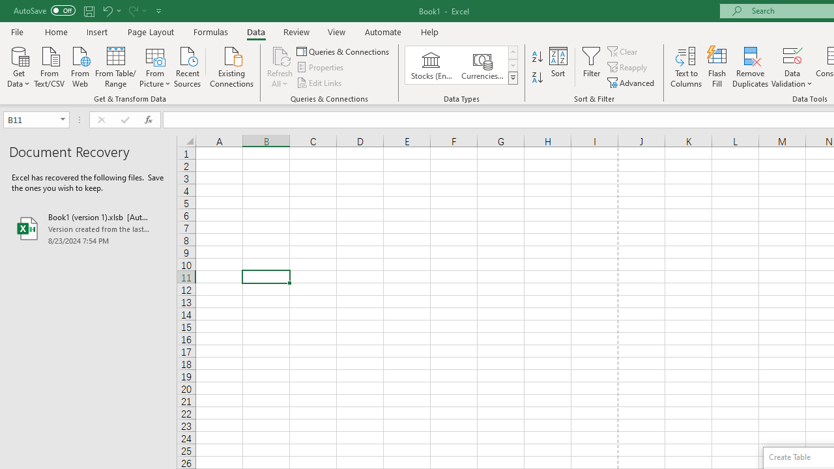 Image resolution: width=834 pixels, height=469 pixels. Describe the element at coordinates (187, 66) in the screenshot. I see `'Recent Sources'` at that location.